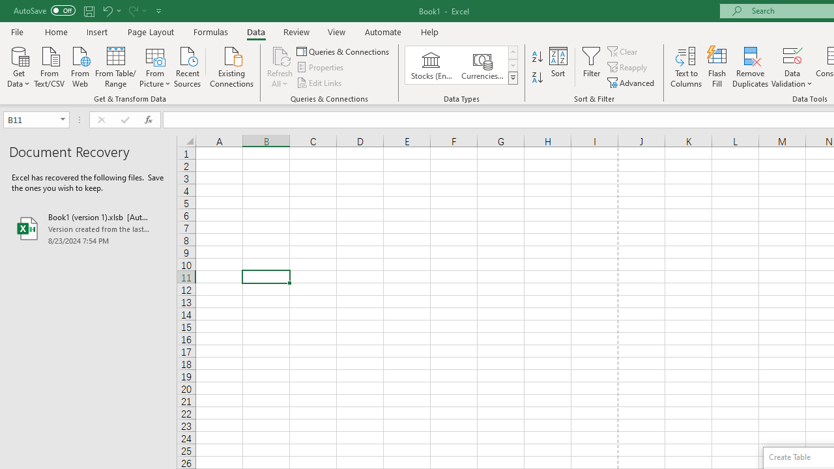 Image resolution: width=834 pixels, height=469 pixels. Describe the element at coordinates (187, 66) in the screenshot. I see `'Recent Sources'` at that location.